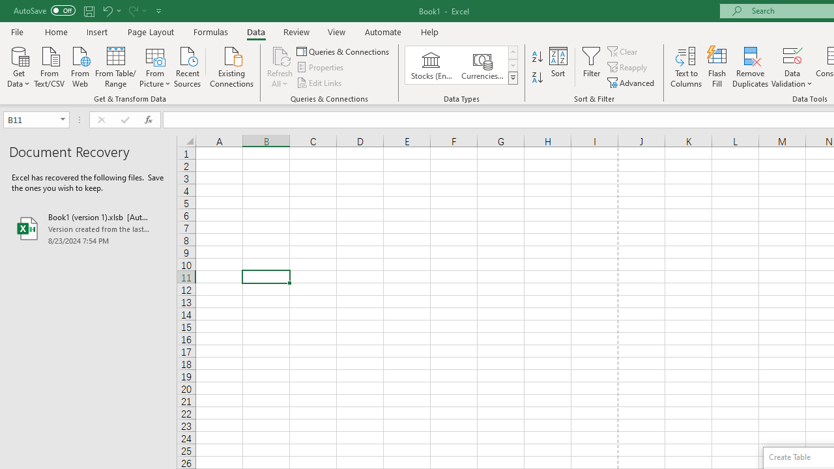 Image resolution: width=834 pixels, height=469 pixels. Describe the element at coordinates (187, 66) in the screenshot. I see `'Recent Sources'` at that location.